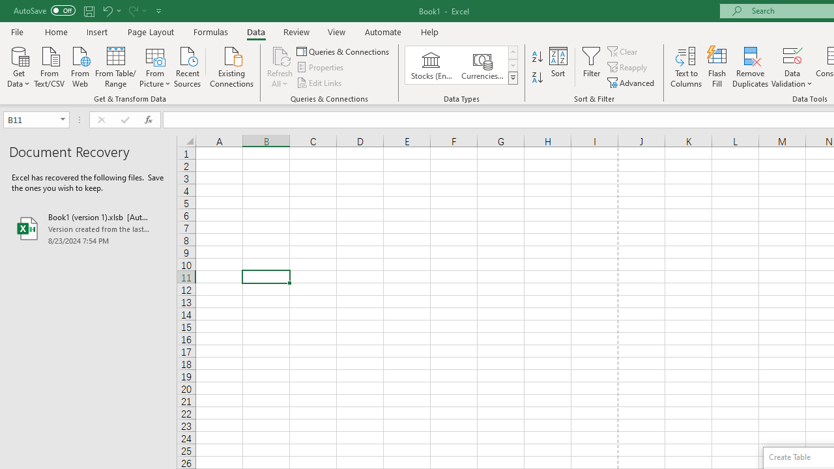 Image resolution: width=834 pixels, height=469 pixels. Describe the element at coordinates (187, 66) in the screenshot. I see `'Recent Sources'` at that location.